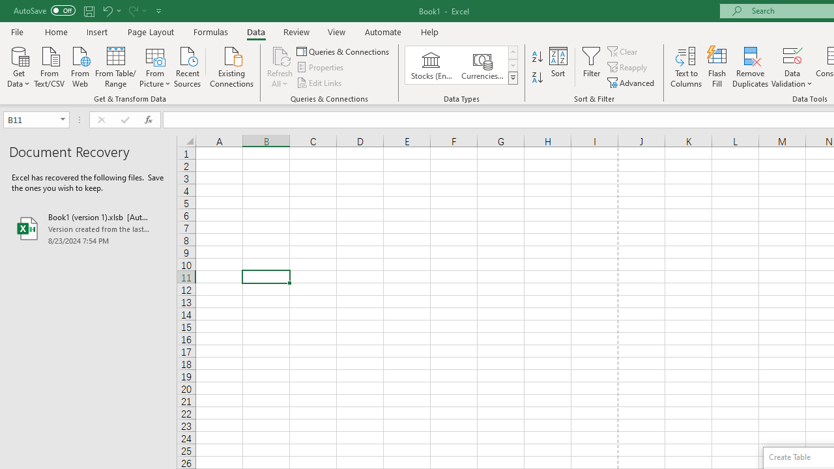 Image resolution: width=834 pixels, height=469 pixels. Describe the element at coordinates (187, 66) in the screenshot. I see `'Recent Sources'` at that location.